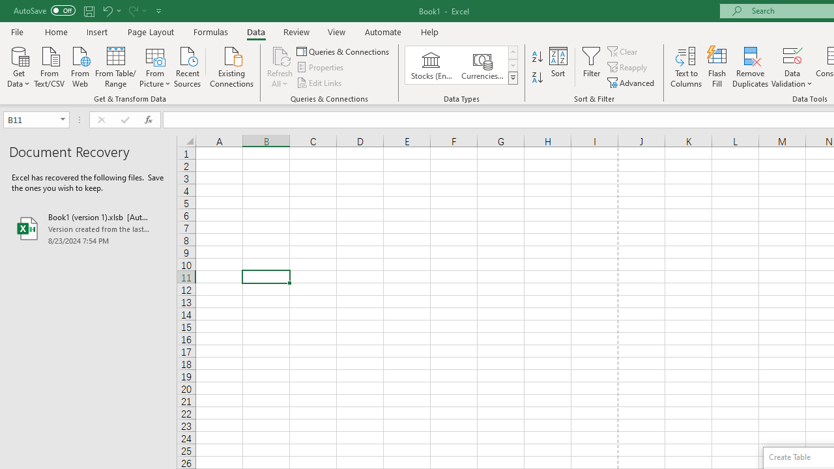 Image resolution: width=834 pixels, height=469 pixels. Describe the element at coordinates (187, 66) in the screenshot. I see `'Recent Sources'` at that location.